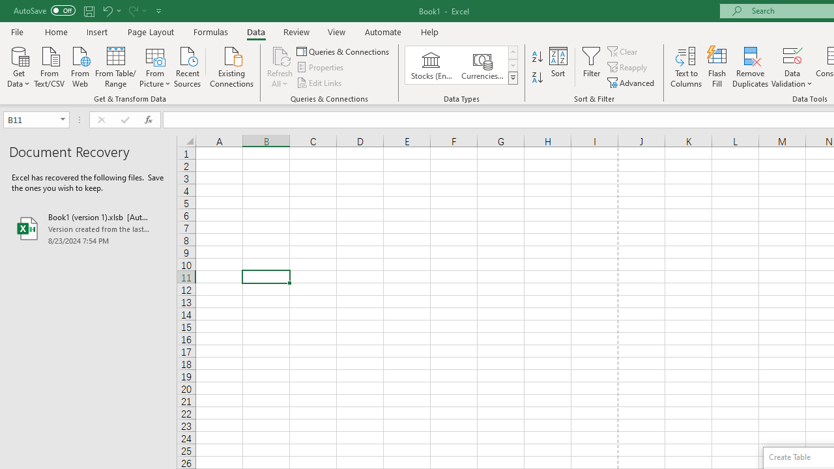 Image resolution: width=834 pixels, height=469 pixels. Describe the element at coordinates (187, 66) in the screenshot. I see `'Recent Sources'` at that location.